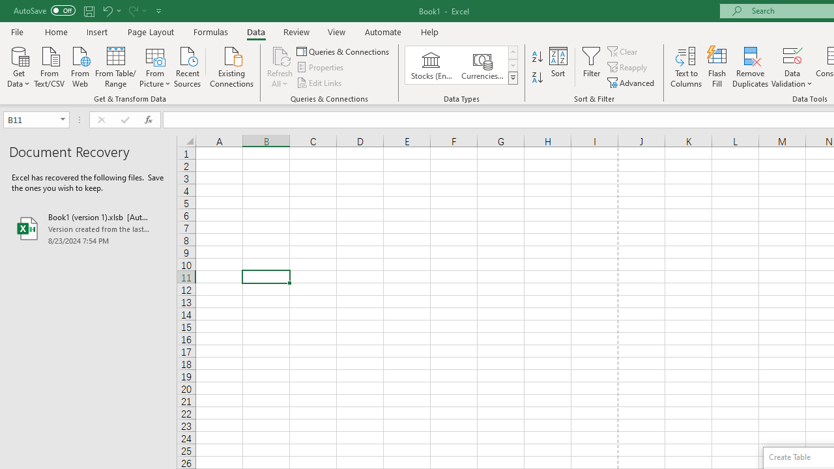 Image resolution: width=834 pixels, height=469 pixels. Describe the element at coordinates (187, 66) in the screenshot. I see `'Recent Sources'` at that location.